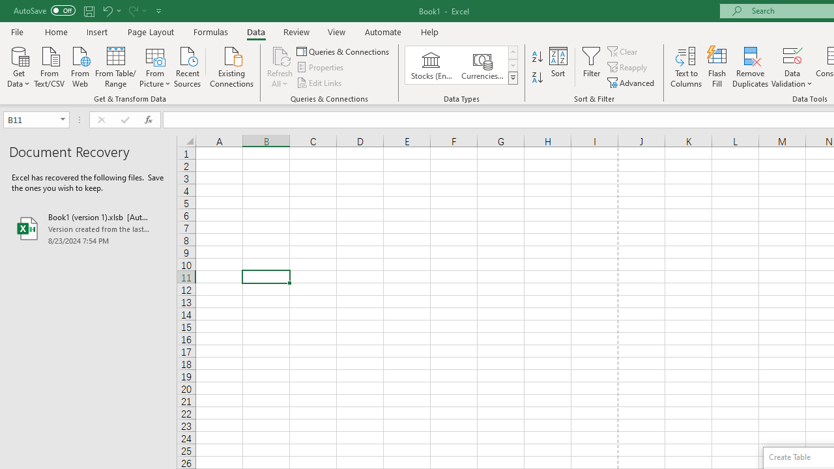 Image resolution: width=834 pixels, height=469 pixels. Describe the element at coordinates (187, 66) in the screenshot. I see `'Recent Sources'` at that location.